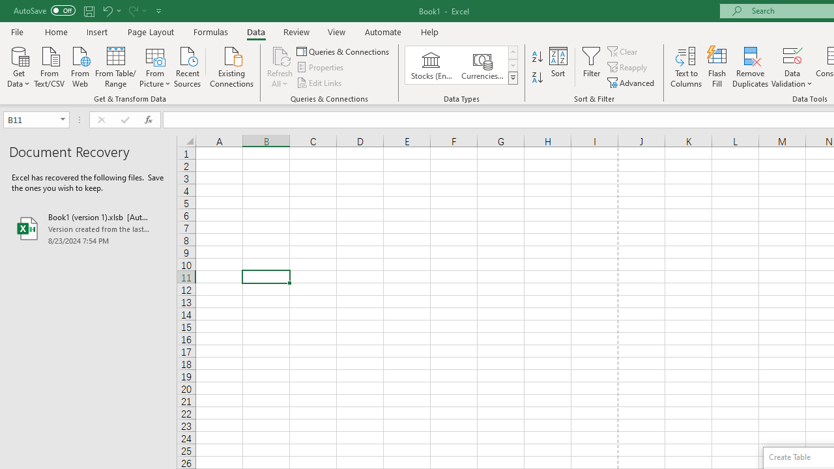 Image resolution: width=834 pixels, height=469 pixels. Describe the element at coordinates (187, 66) in the screenshot. I see `'Recent Sources'` at that location.